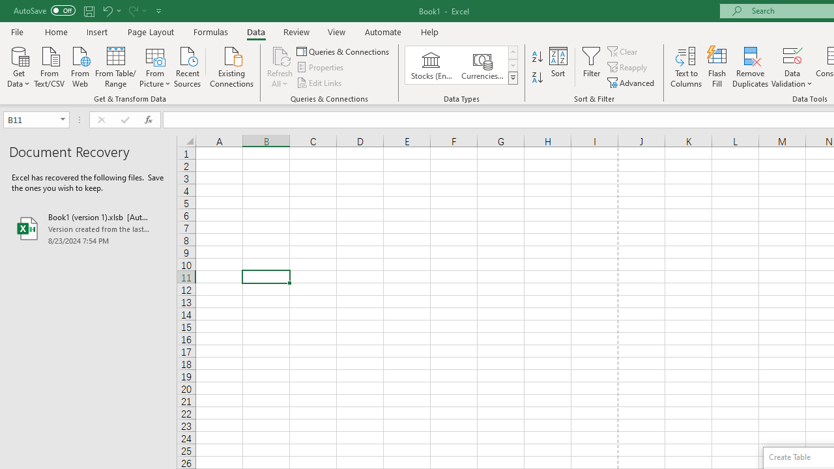 Image resolution: width=834 pixels, height=469 pixels. Describe the element at coordinates (187, 66) in the screenshot. I see `'Recent Sources'` at that location.